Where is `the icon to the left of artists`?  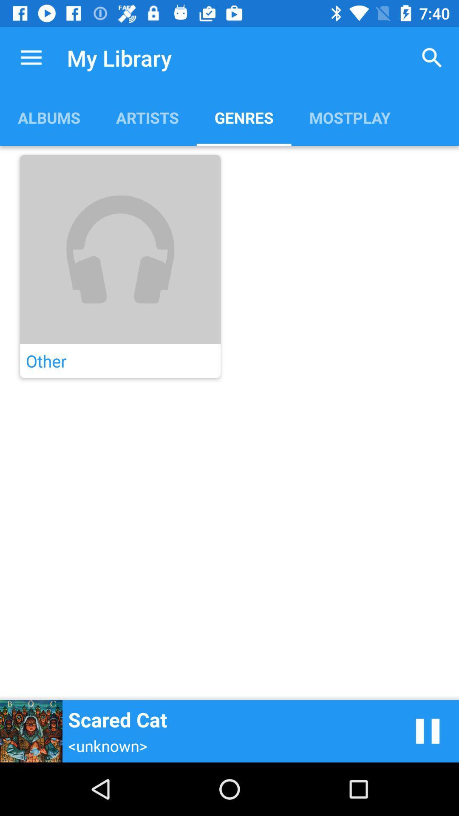
the icon to the left of artists is located at coordinates (49, 117).